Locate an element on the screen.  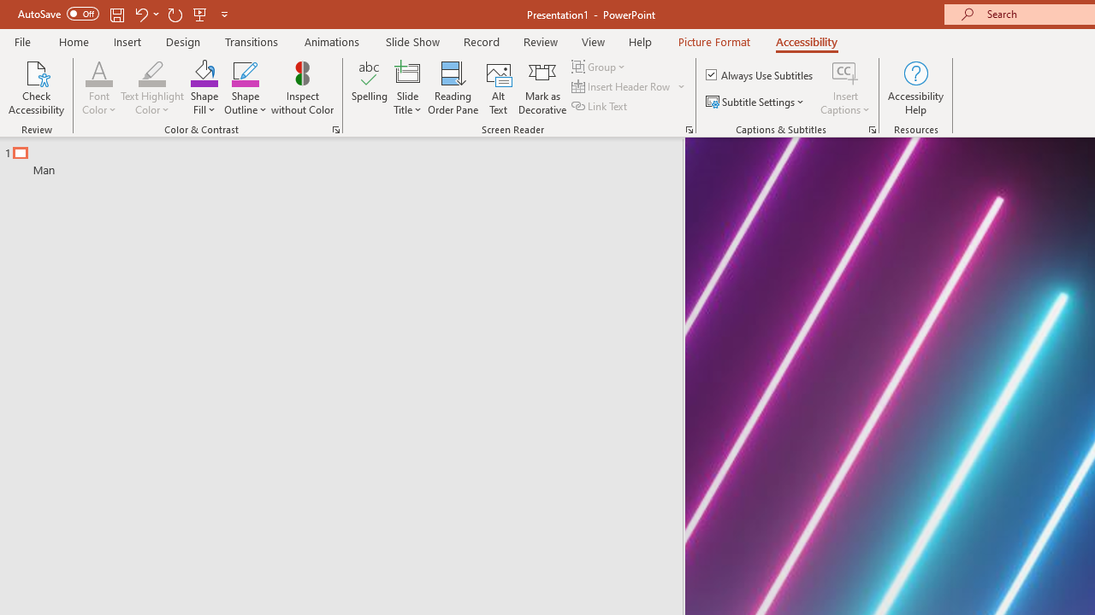
'Text Highlight Color' is located at coordinates (152, 88).